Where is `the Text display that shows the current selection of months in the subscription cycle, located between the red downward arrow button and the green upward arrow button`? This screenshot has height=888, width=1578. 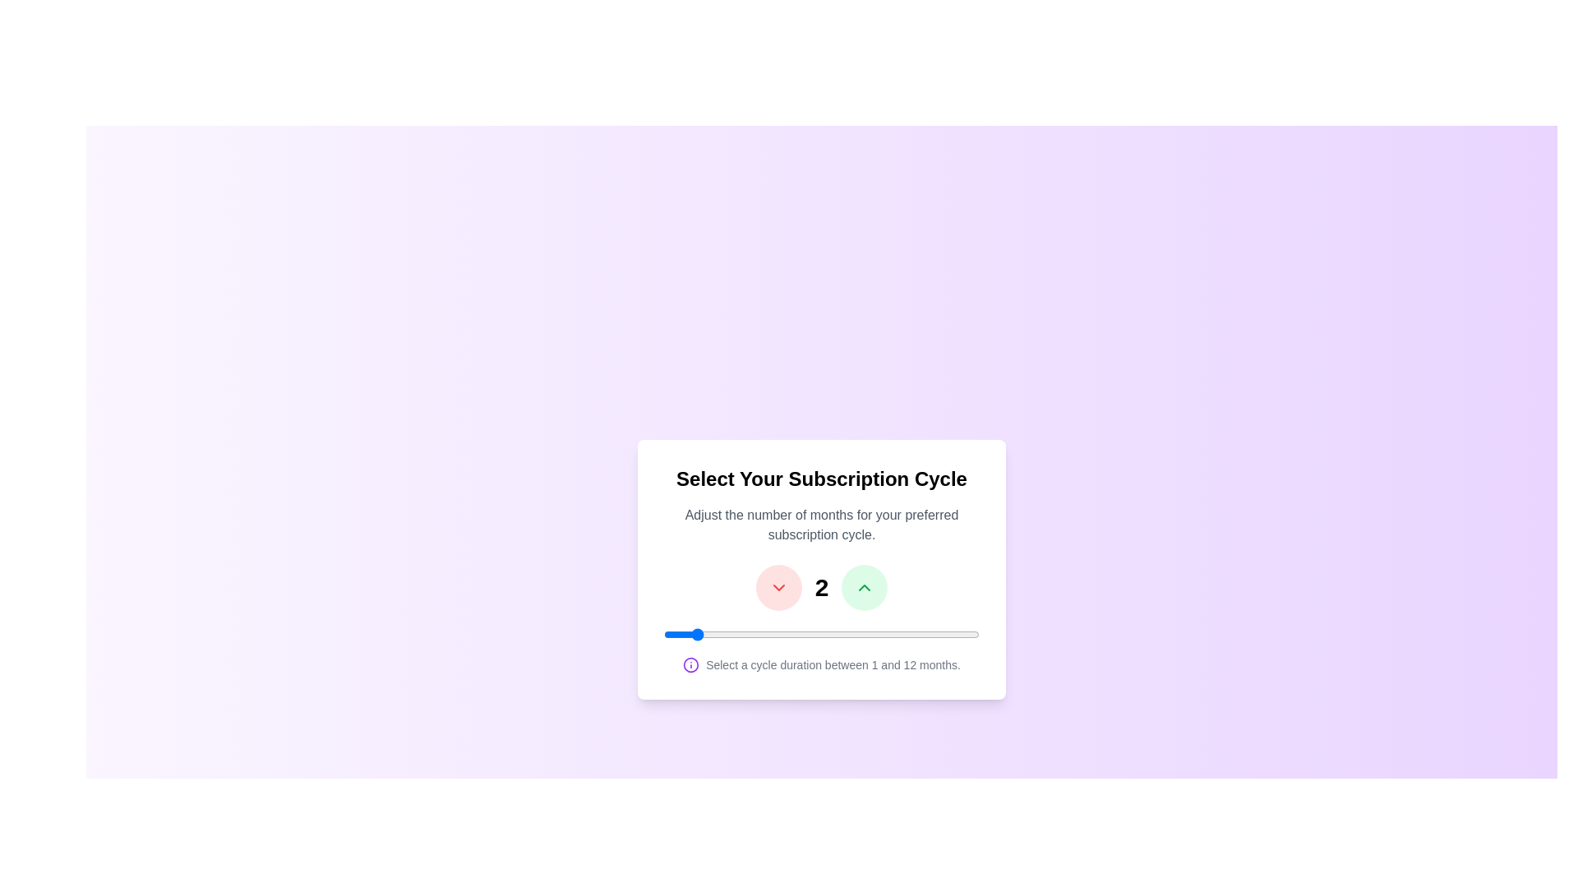 the Text display that shows the current selection of months in the subscription cycle, located between the red downward arrow button and the green upward arrow button is located at coordinates (821, 586).